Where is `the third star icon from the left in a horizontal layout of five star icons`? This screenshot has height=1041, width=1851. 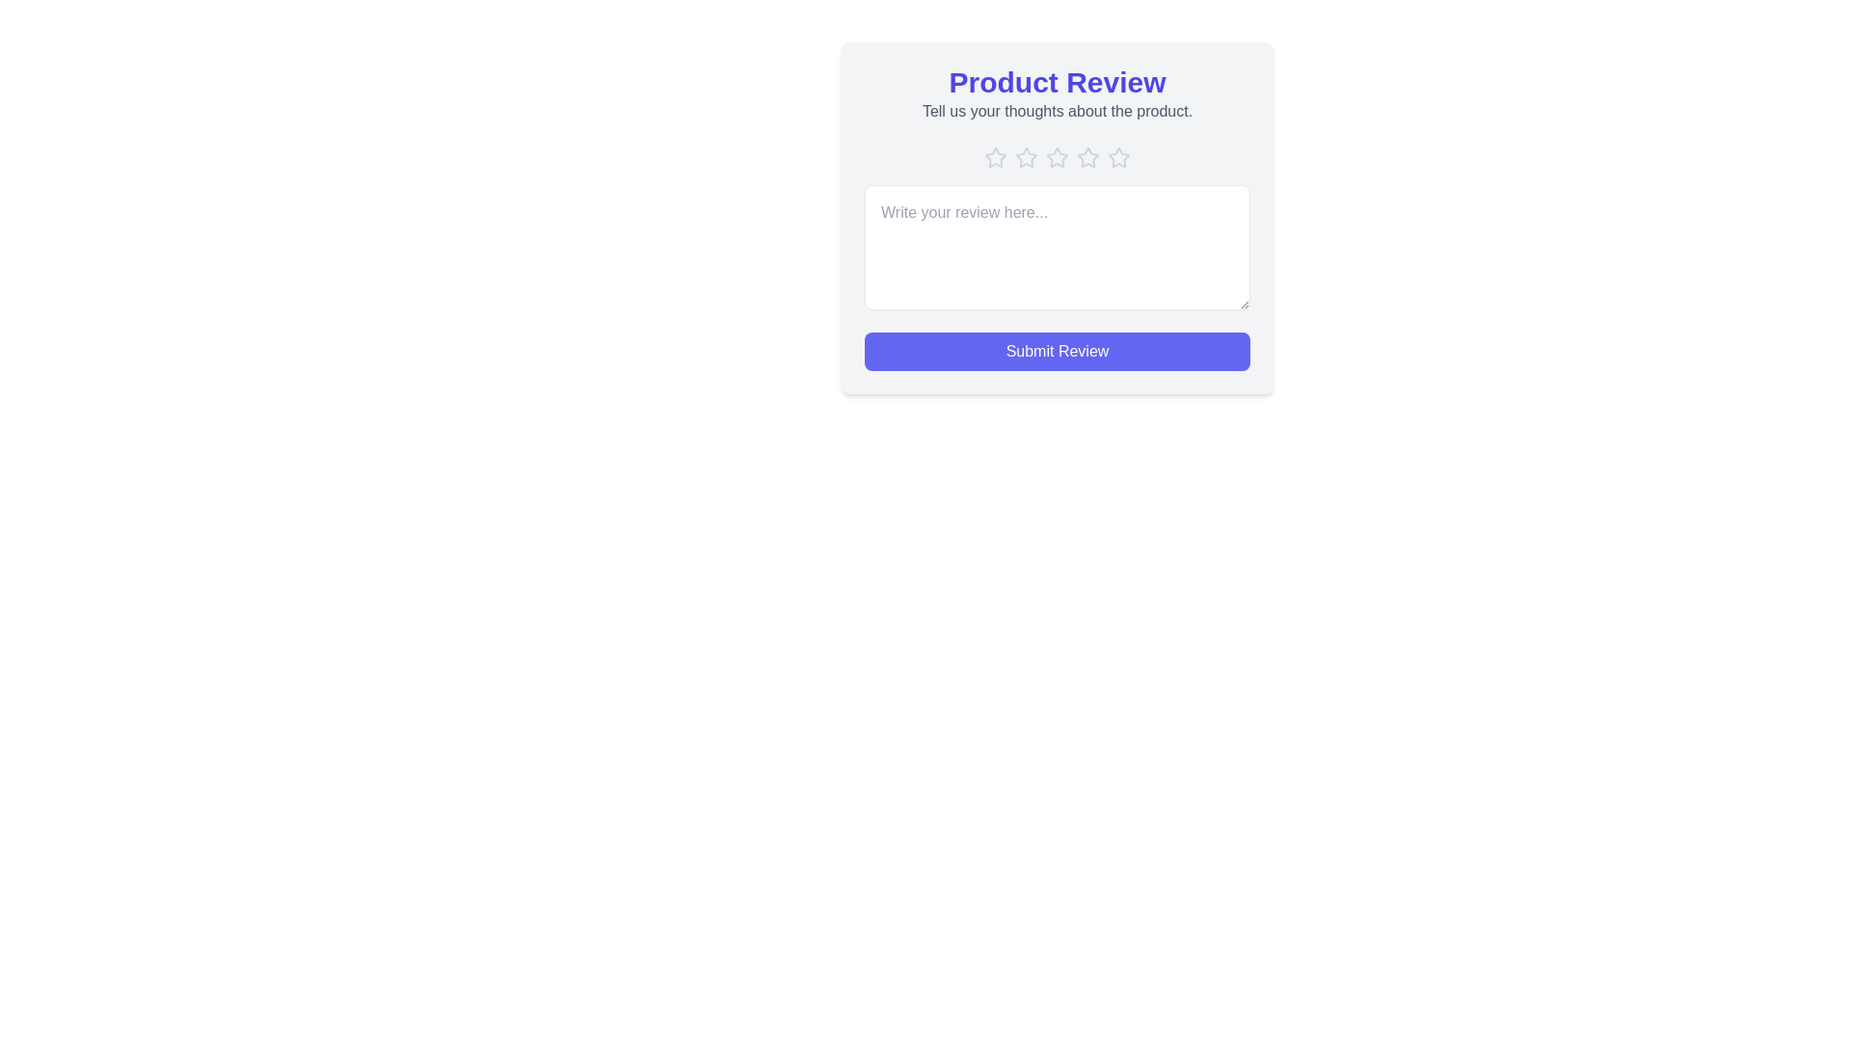 the third star icon from the left in a horizontal layout of five star icons is located at coordinates (1026, 157).